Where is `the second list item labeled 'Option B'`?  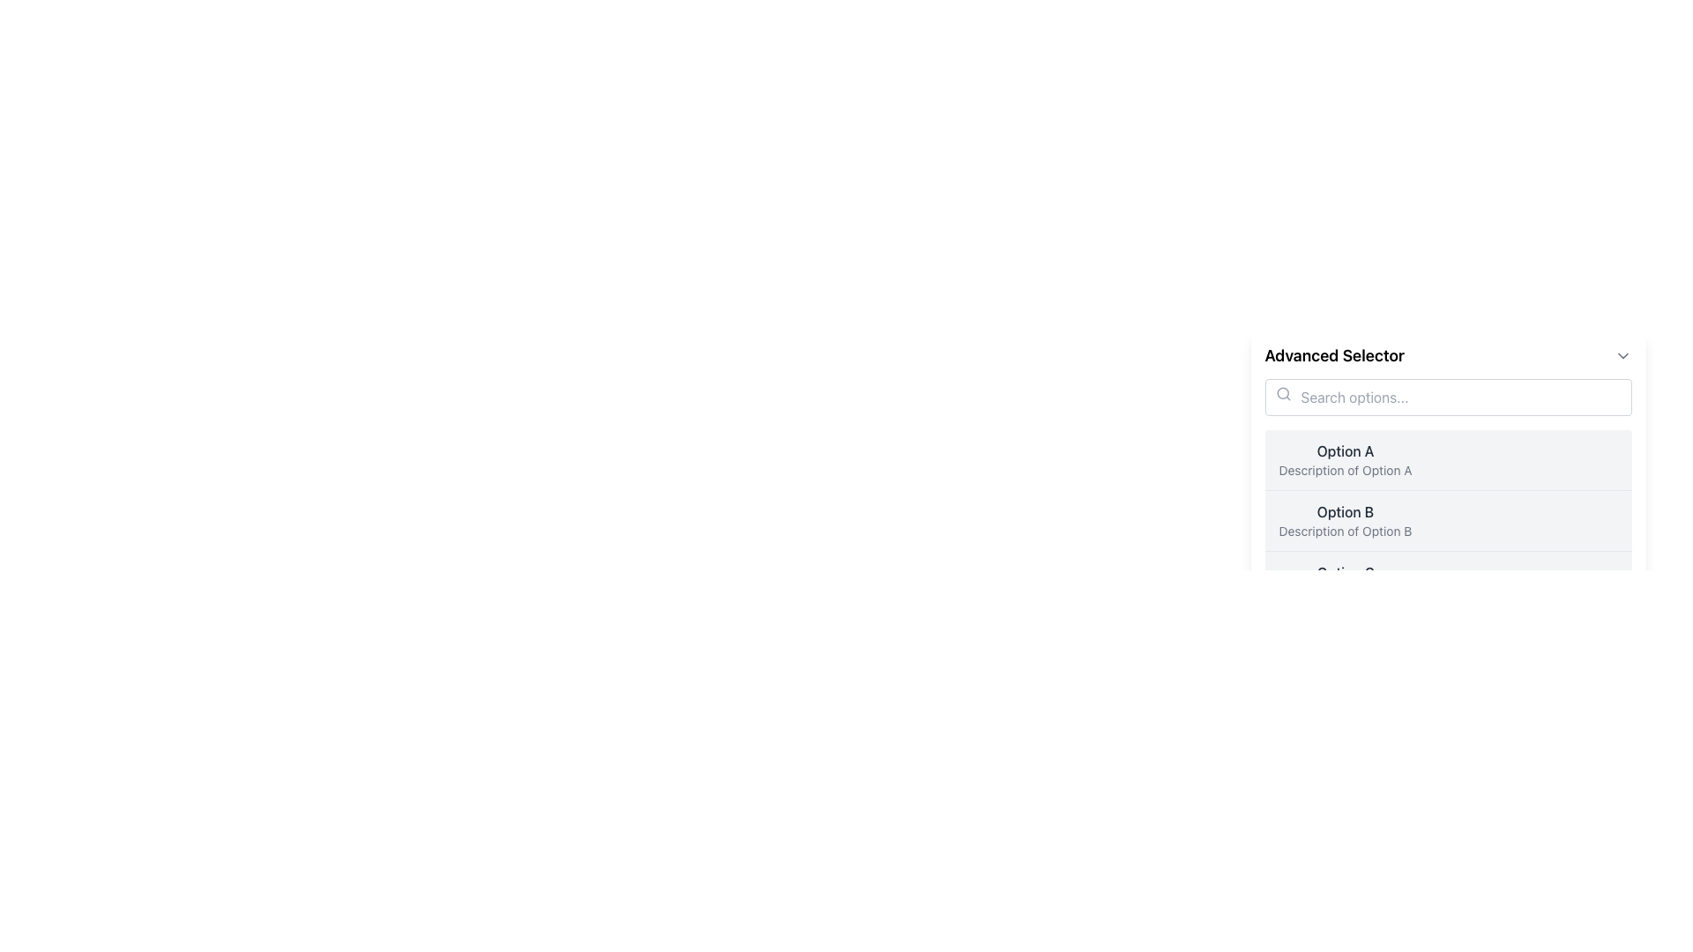 the second list item labeled 'Option B' is located at coordinates (1448, 519).